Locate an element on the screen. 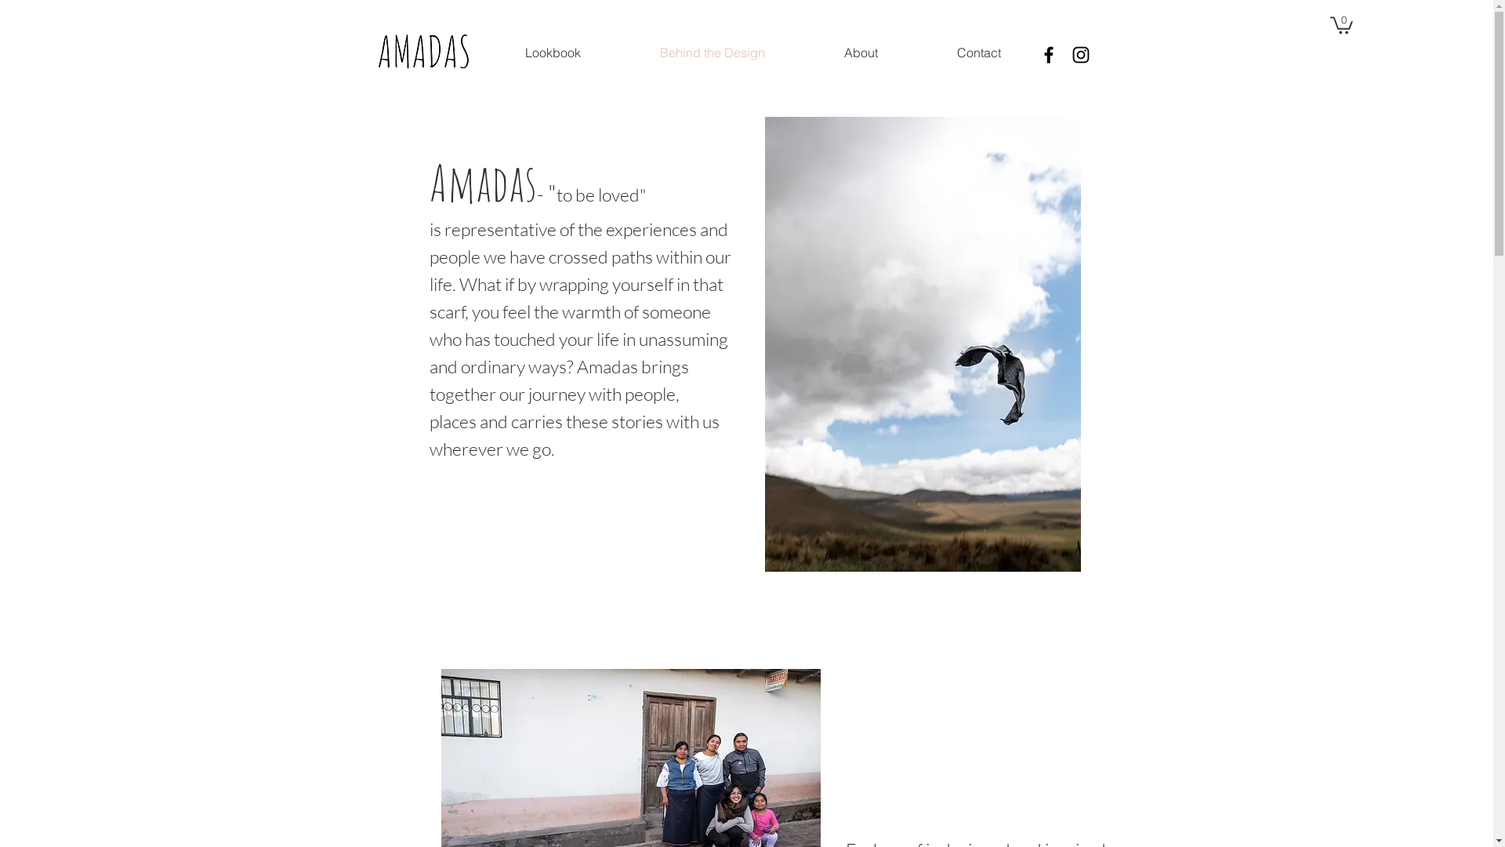 The width and height of the screenshot is (1505, 847). 'About' is located at coordinates (860, 51).